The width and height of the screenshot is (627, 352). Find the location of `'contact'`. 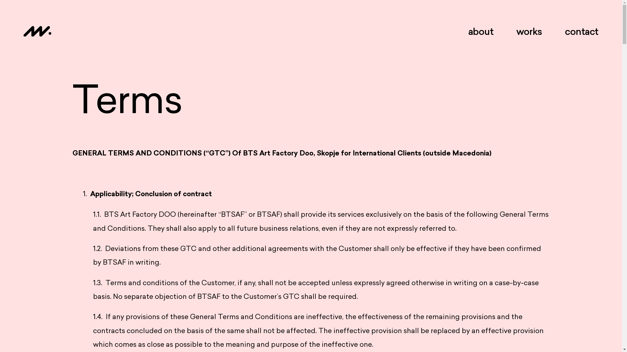

'contact' is located at coordinates (564, 31).